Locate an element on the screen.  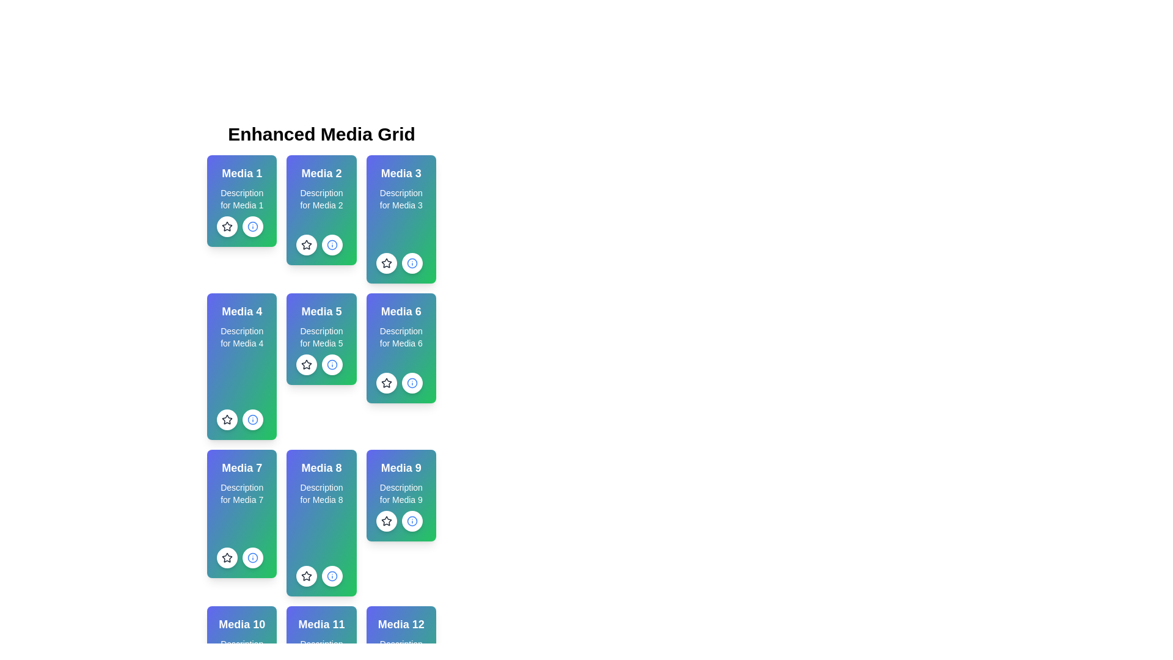
the text element displaying 'Description for Media 3', which is positioned below the title 'Media 3' within the media card is located at coordinates (401, 199).